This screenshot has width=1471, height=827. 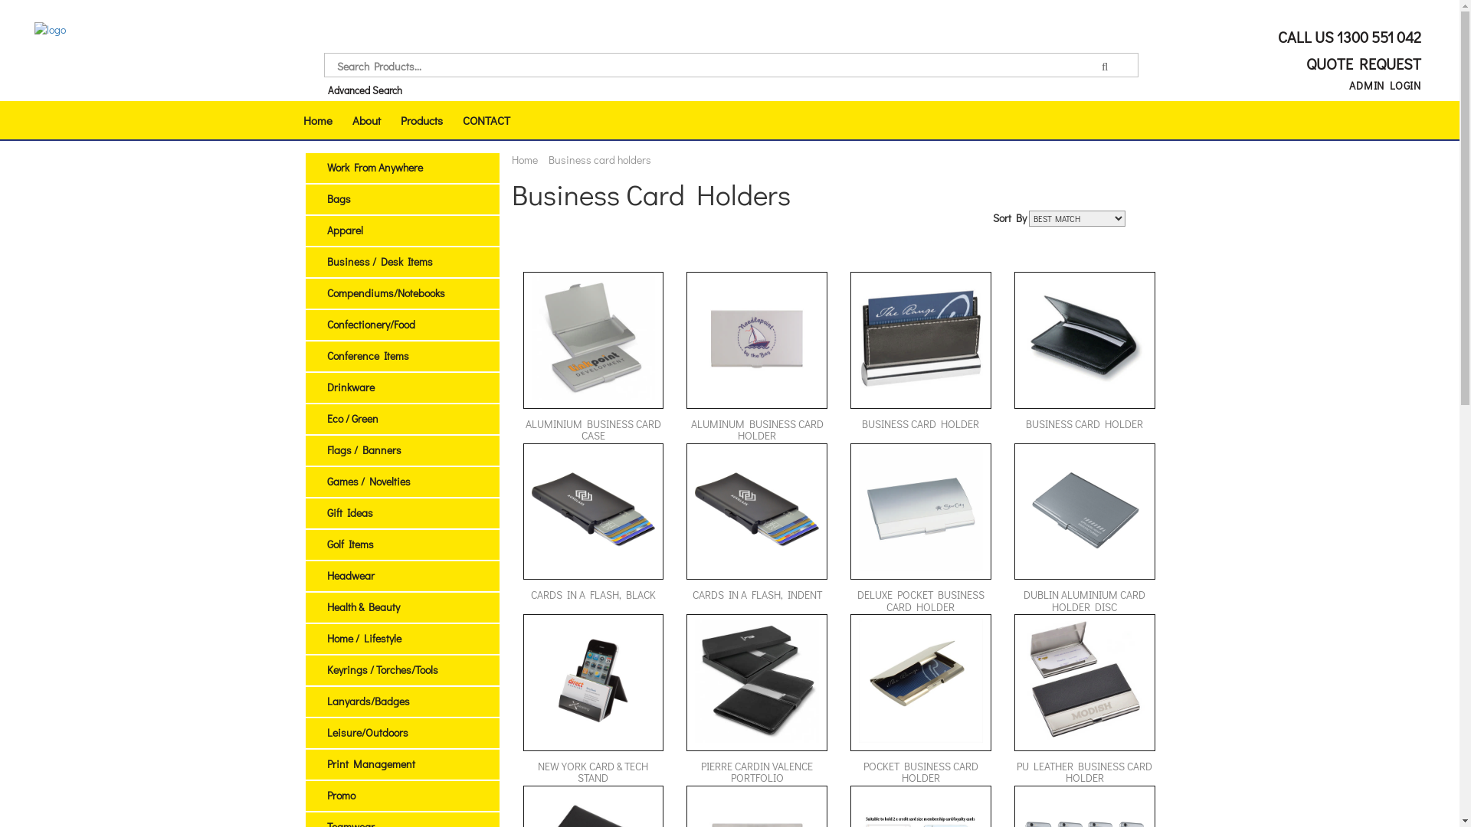 I want to click on 'Keyrings / Torches/Tools', so click(x=382, y=668).